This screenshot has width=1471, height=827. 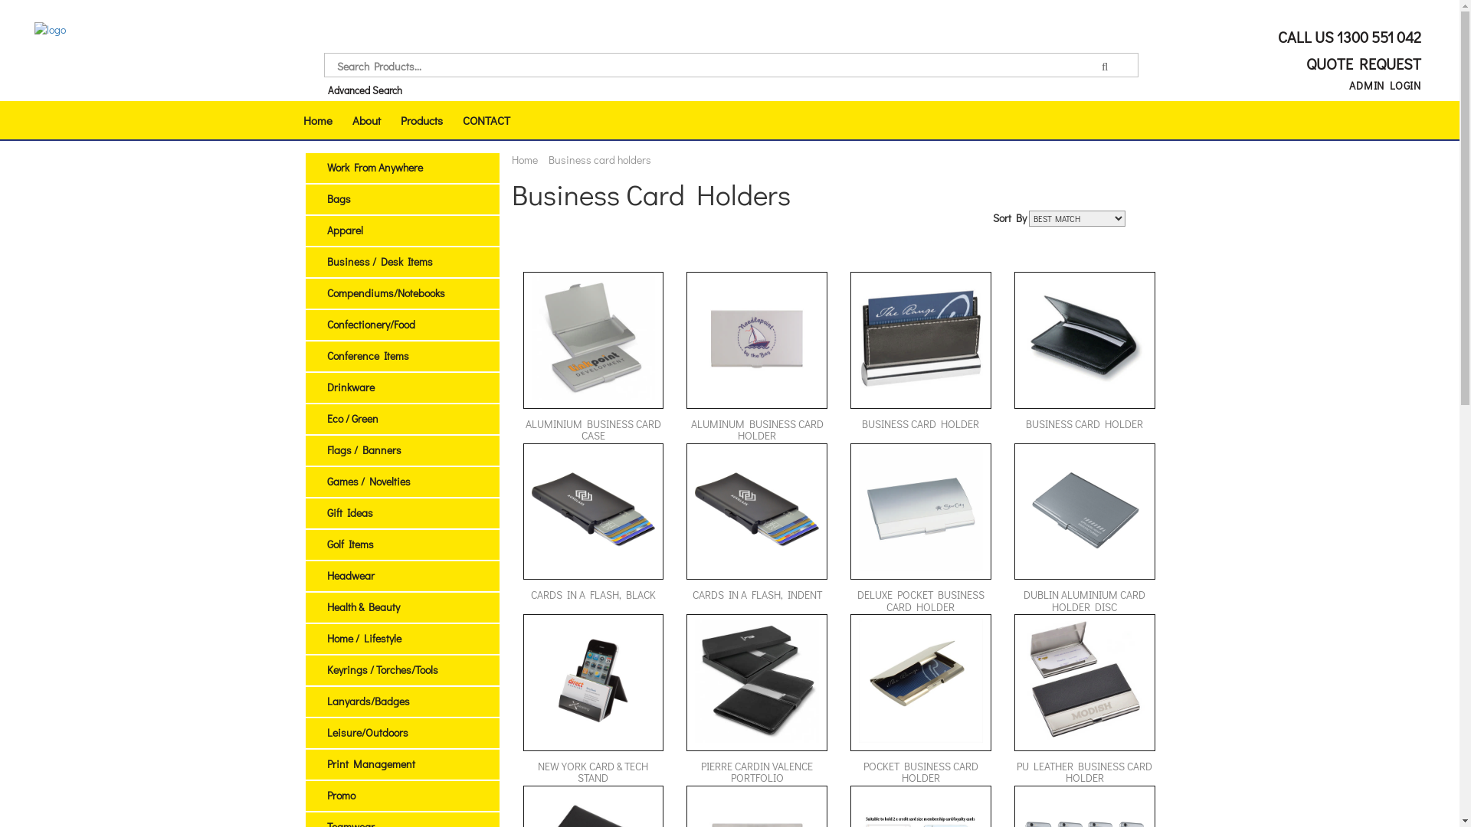 I want to click on 'Keyrings / Torches/Tools', so click(x=382, y=668).